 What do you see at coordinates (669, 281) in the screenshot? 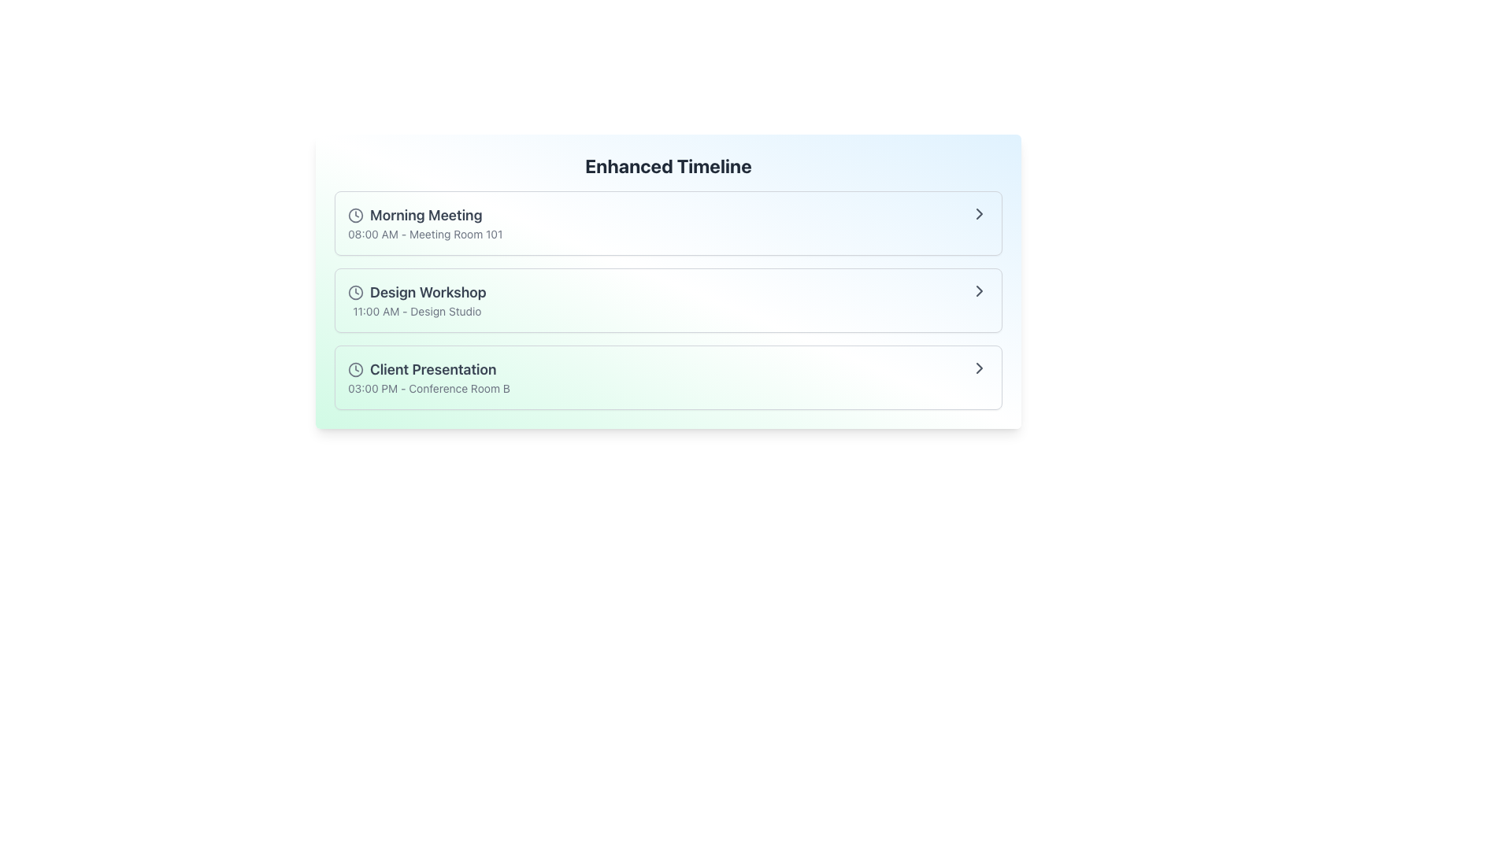
I see `the timeline entry component that contains 'Design Workshop' to interact with the event` at bounding box center [669, 281].